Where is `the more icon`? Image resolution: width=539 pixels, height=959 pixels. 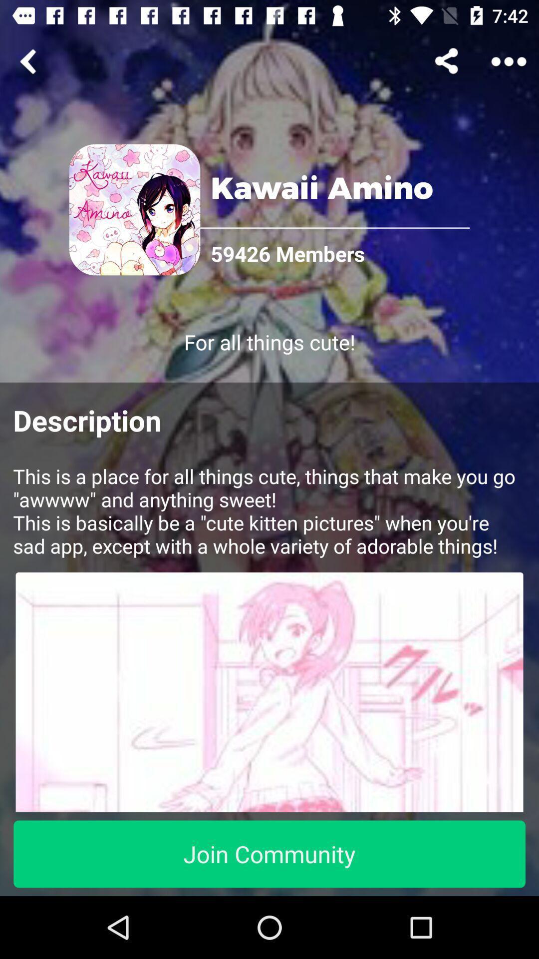
the more icon is located at coordinates (509, 61).